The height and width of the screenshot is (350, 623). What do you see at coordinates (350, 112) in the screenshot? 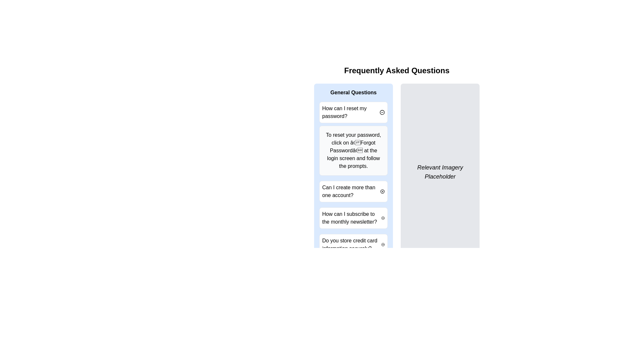
I see `the first Text label in the 'General Questions' section of the FAQ list, which presents a question and serves as an entry point for more information` at bounding box center [350, 112].